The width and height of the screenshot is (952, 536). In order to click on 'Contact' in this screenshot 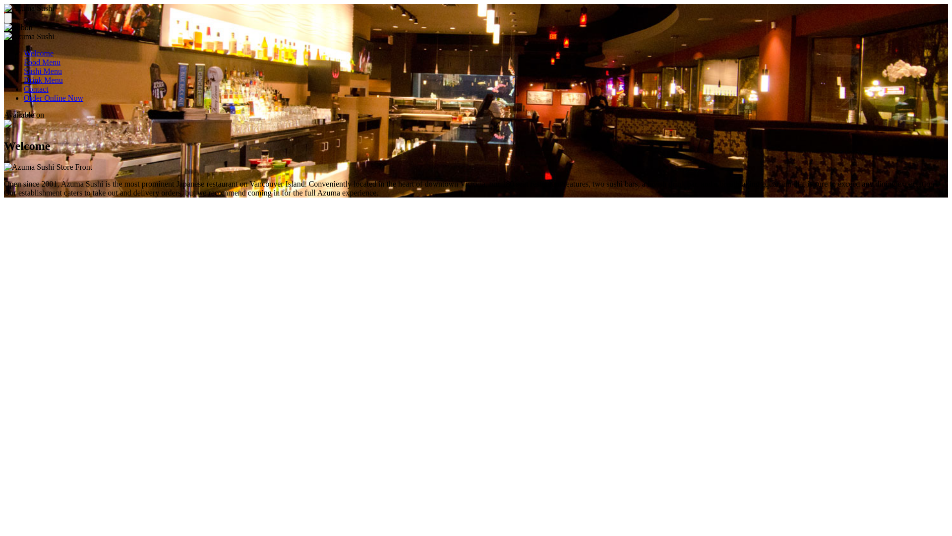, I will do `click(36, 88)`.